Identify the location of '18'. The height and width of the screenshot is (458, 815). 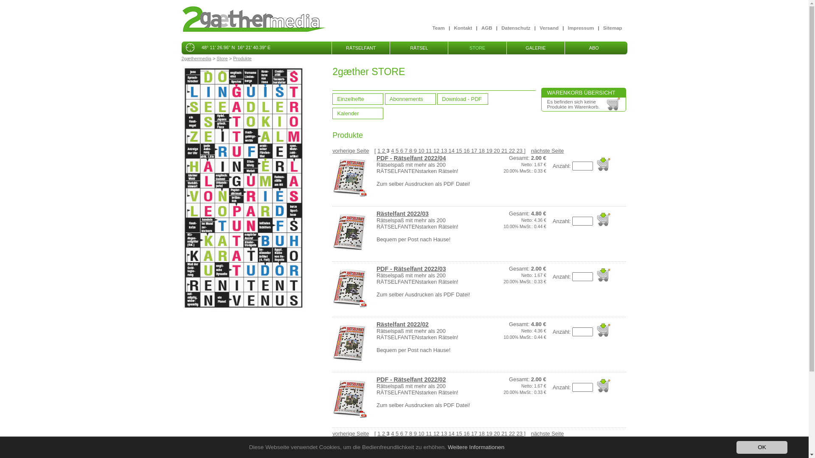
(483, 150).